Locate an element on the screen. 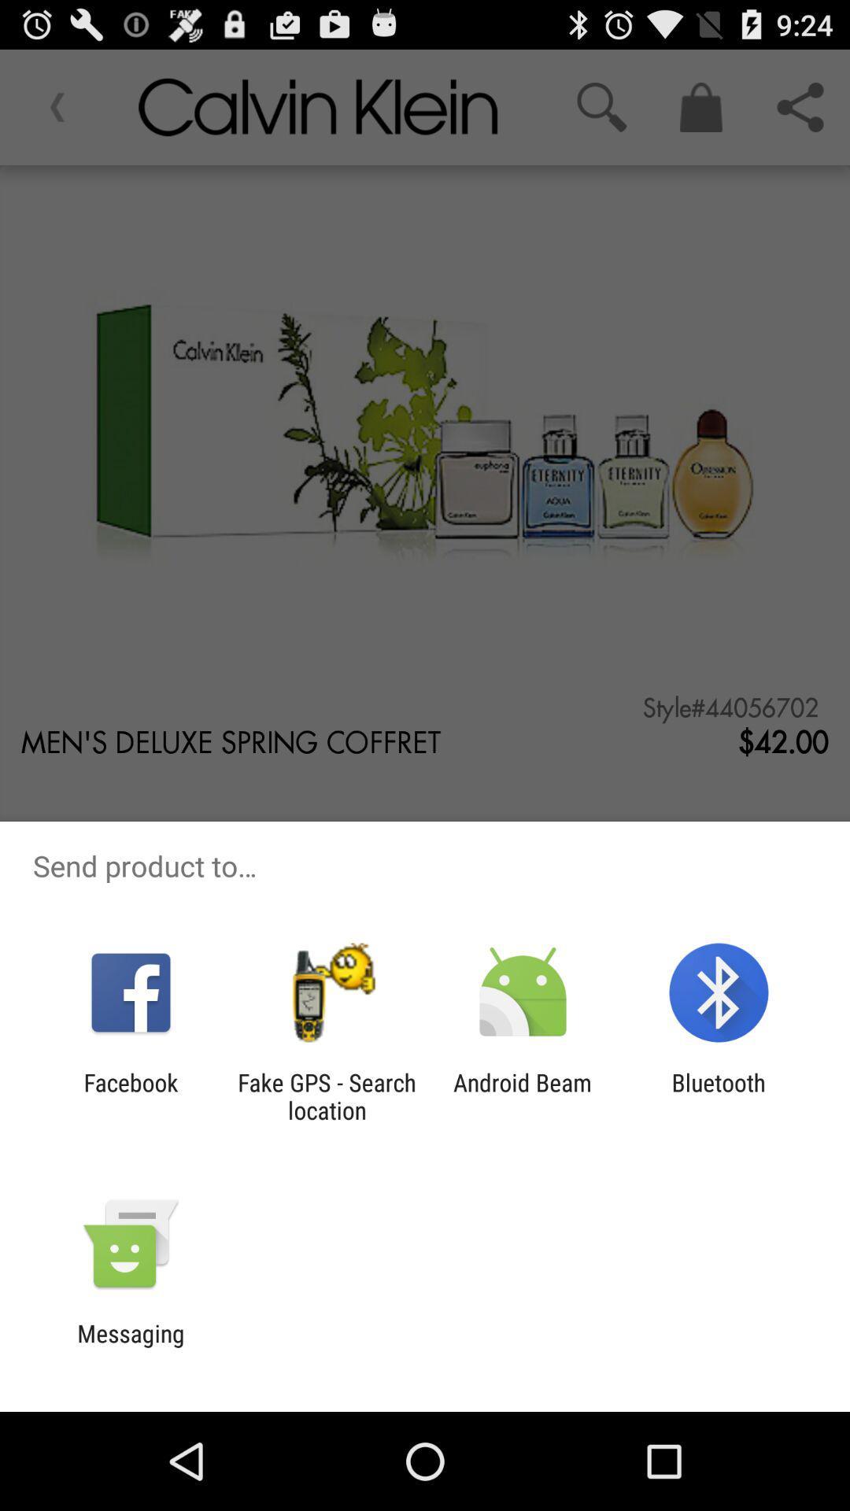 Image resolution: width=850 pixels, height=1511 pixels. app next to bluetooth item is located at coordinates (523, 1095).